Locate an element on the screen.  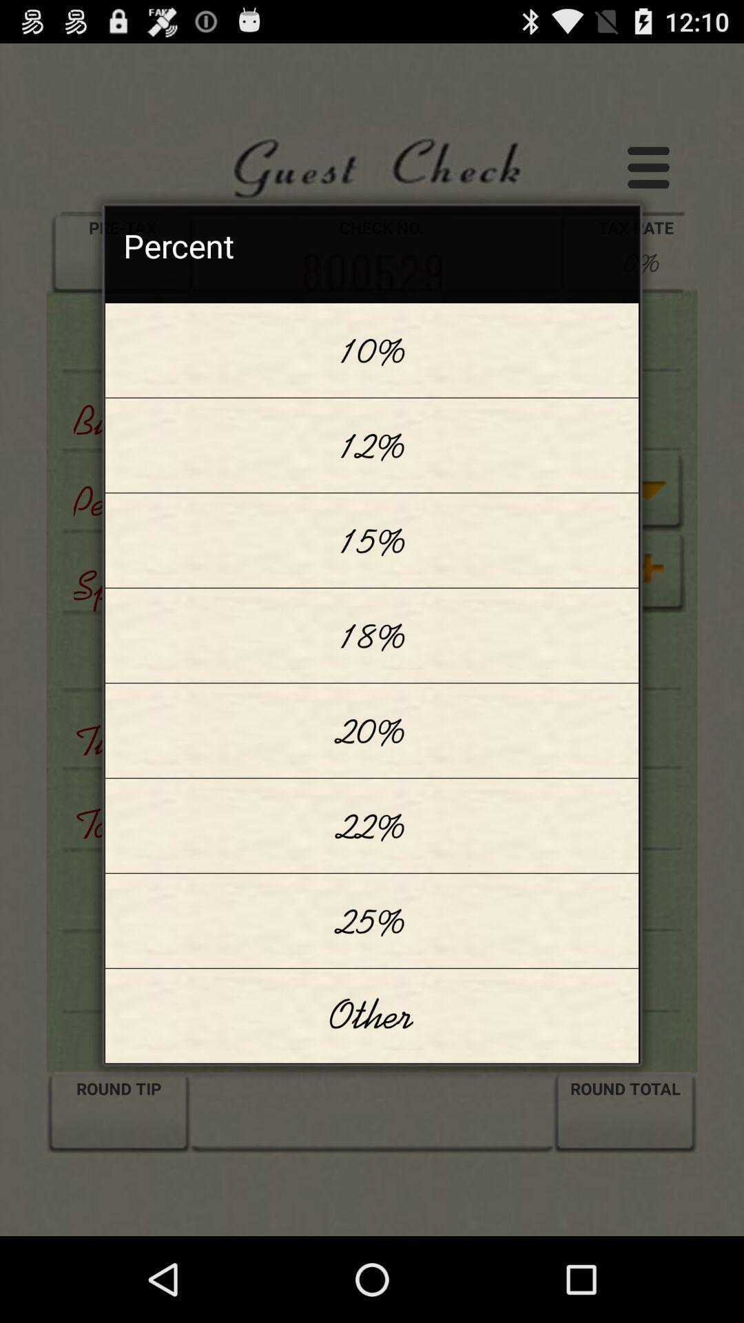
the item below 22% app is located at coordinates (372, 921).